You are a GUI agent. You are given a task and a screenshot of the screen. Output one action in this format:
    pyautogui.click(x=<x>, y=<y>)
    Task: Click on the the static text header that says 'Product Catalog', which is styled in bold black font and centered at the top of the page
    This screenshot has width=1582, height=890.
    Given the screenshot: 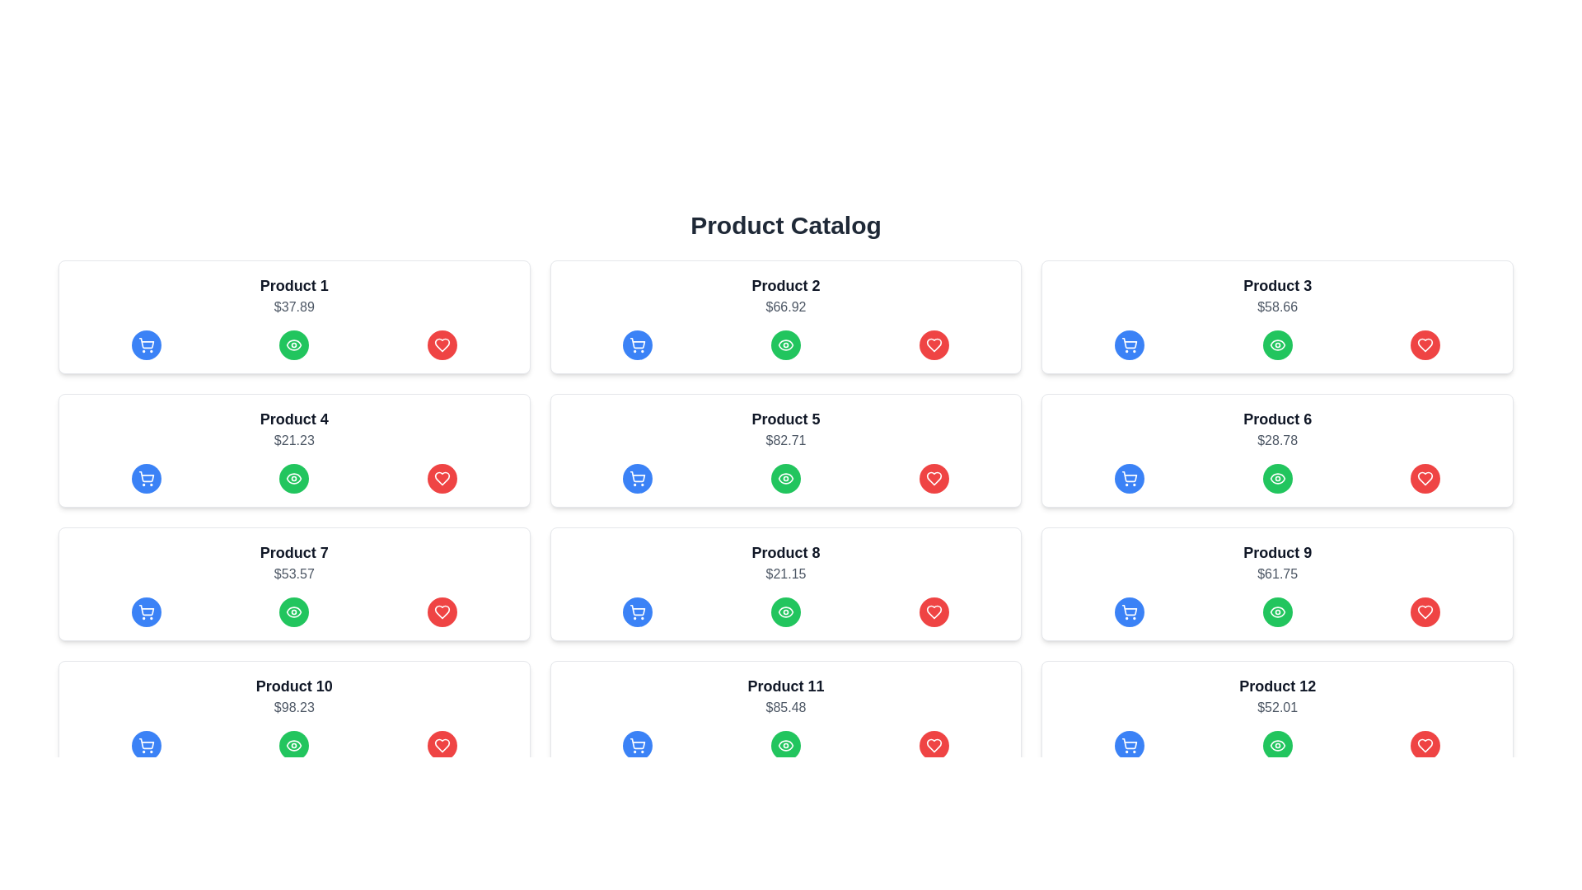 What is the action you would take?
    pyautogui.click(x=785, y=225)
    